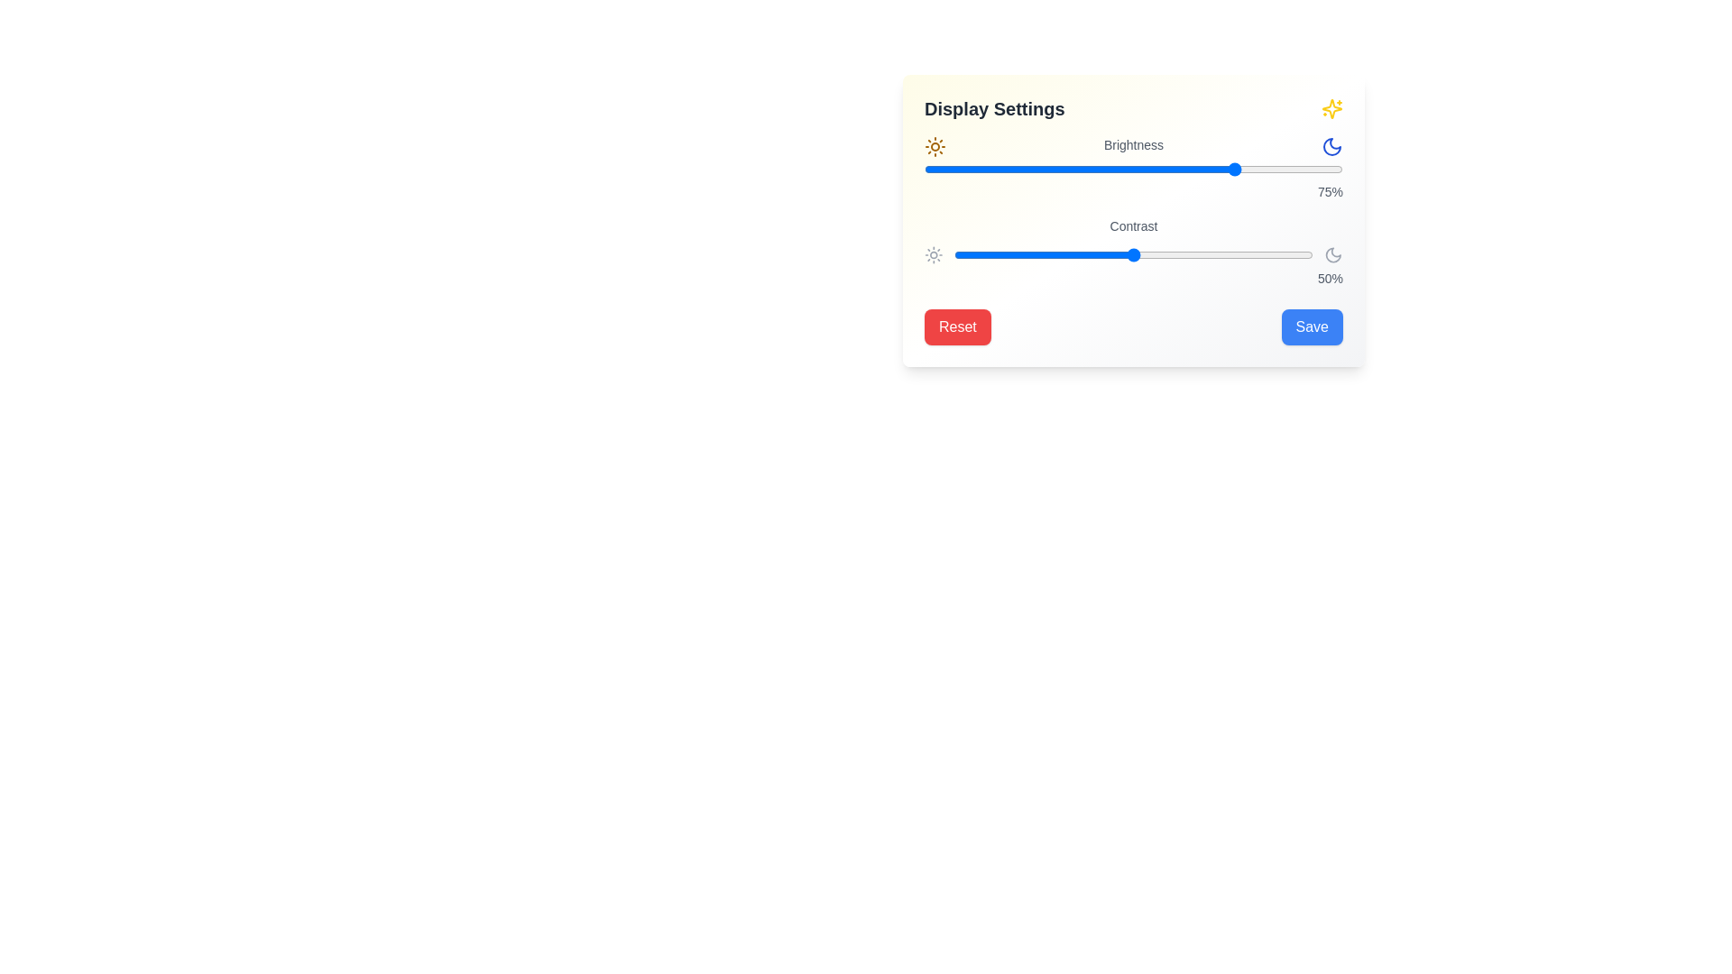 Image resolution: width=1732 pixels, height=974 pixels. I want to click on brightness, so click(965, 170).